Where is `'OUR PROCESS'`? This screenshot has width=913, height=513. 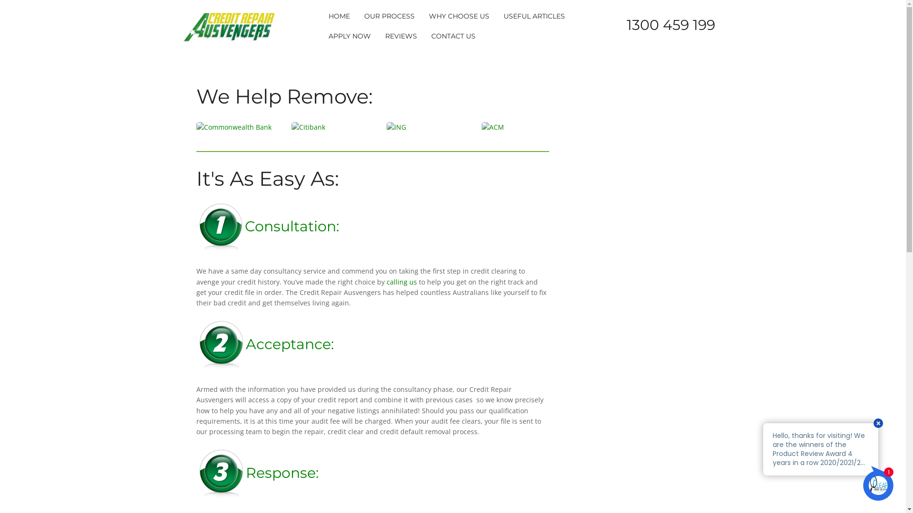
'OUR PROCESS' is located at coordinates (389, 16).